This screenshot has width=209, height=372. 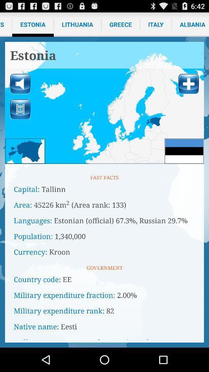 What do you see at coordinates (184, 150) in the screenshot?
I see `flag of region` at bounding box center [184, 150].